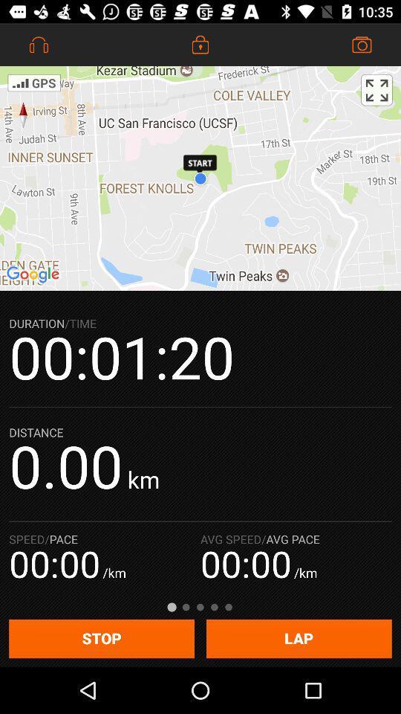  Describe the element at coordinates (22, 114) in the screenshot. I see `the explore icon` at that location.